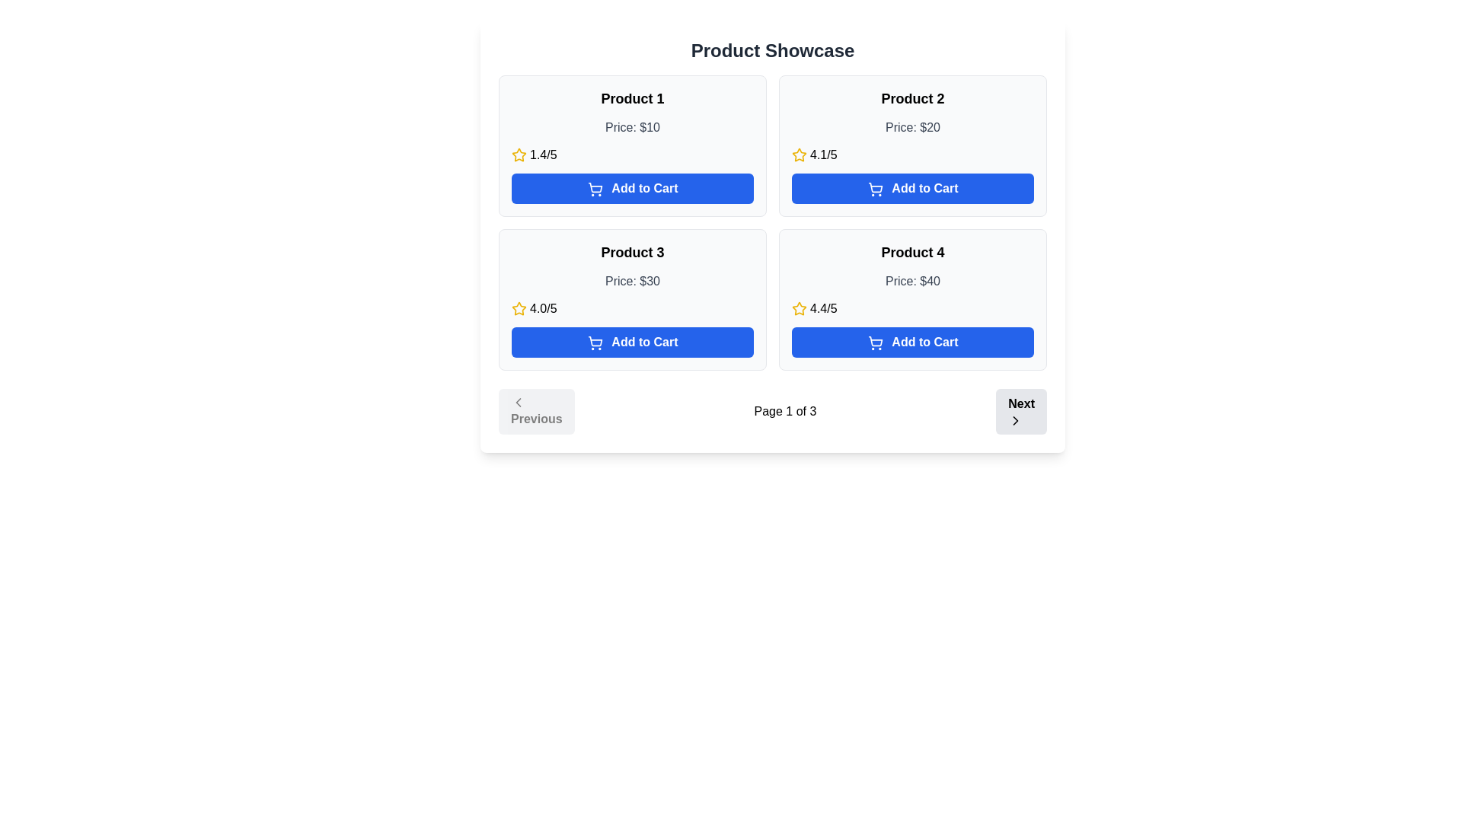 The image size is (1462, 822). Describe the element at coordinates (632, 99) in the screenshot. I see `the text label displaying 'Product 1', which is styled with a larger font size and bold weight, located prominently at the top of the bordered card for Product 1` at that location.